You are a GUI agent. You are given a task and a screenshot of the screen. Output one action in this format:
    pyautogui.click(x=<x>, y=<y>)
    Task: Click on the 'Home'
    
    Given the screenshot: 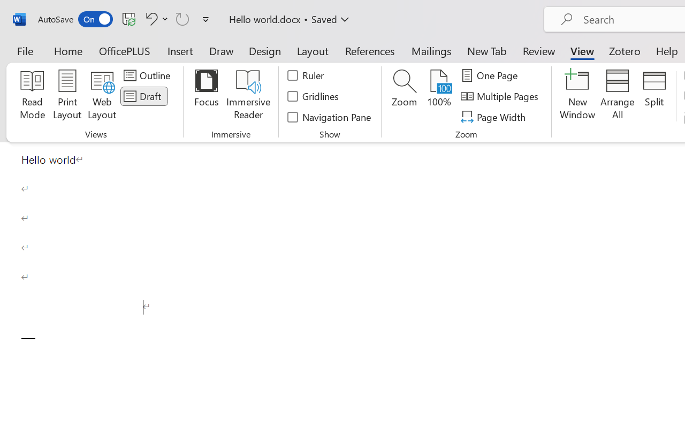 What is the action you would take?
    pyautogui.click(x=68, y=50)
    